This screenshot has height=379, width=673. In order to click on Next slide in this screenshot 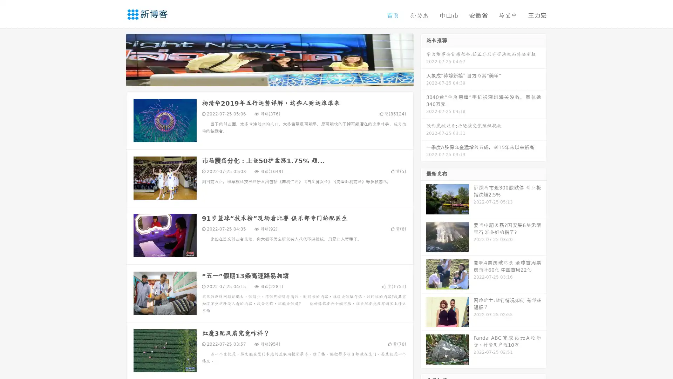, I will do `click(423, 59)`.